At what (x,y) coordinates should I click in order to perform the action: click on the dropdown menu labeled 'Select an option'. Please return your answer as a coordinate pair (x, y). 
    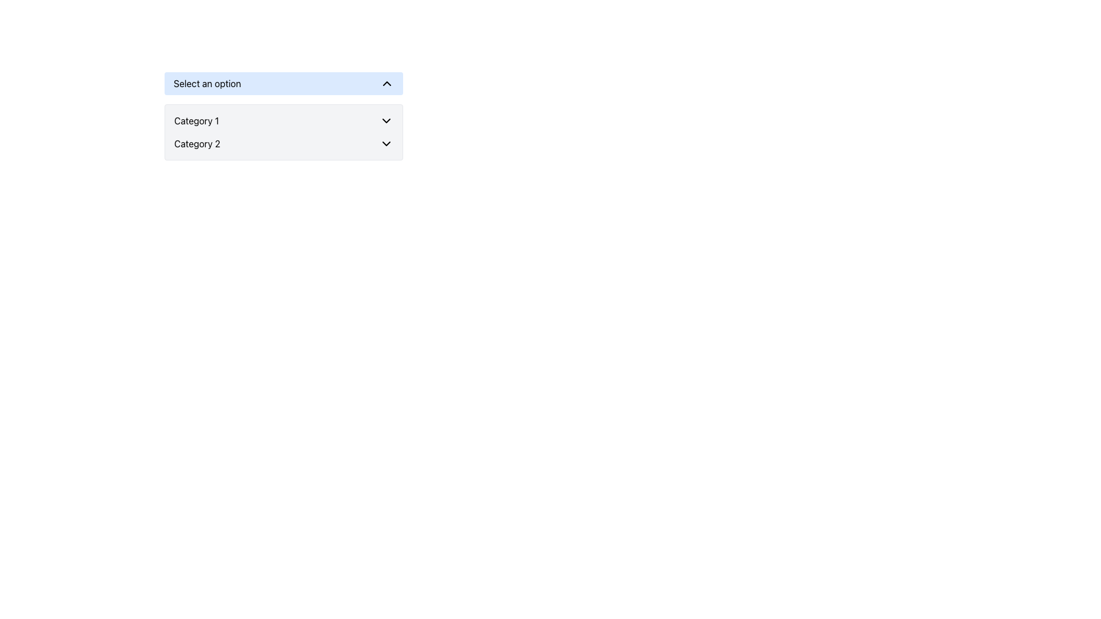
    Looking at the image, I should click on (283, 116).